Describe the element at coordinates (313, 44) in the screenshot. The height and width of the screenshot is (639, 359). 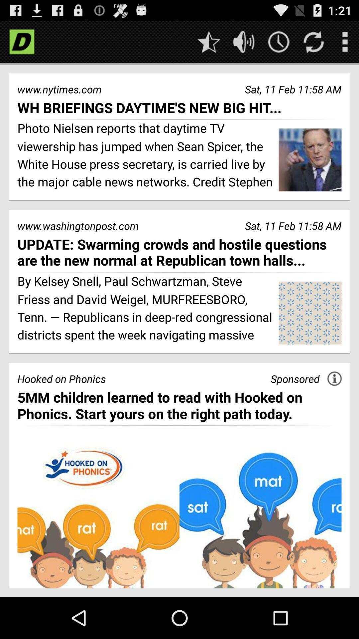
I see `the refresh icon` at that location.